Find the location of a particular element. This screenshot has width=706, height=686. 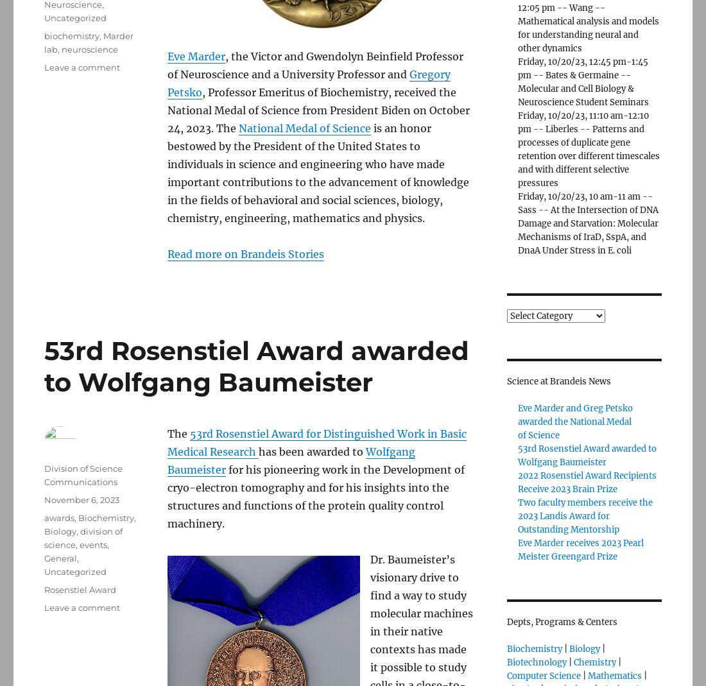

'53rd Rosenstiel Award for Distinguished Work in Basic Medical Research' is located at coordinates (317, 442).